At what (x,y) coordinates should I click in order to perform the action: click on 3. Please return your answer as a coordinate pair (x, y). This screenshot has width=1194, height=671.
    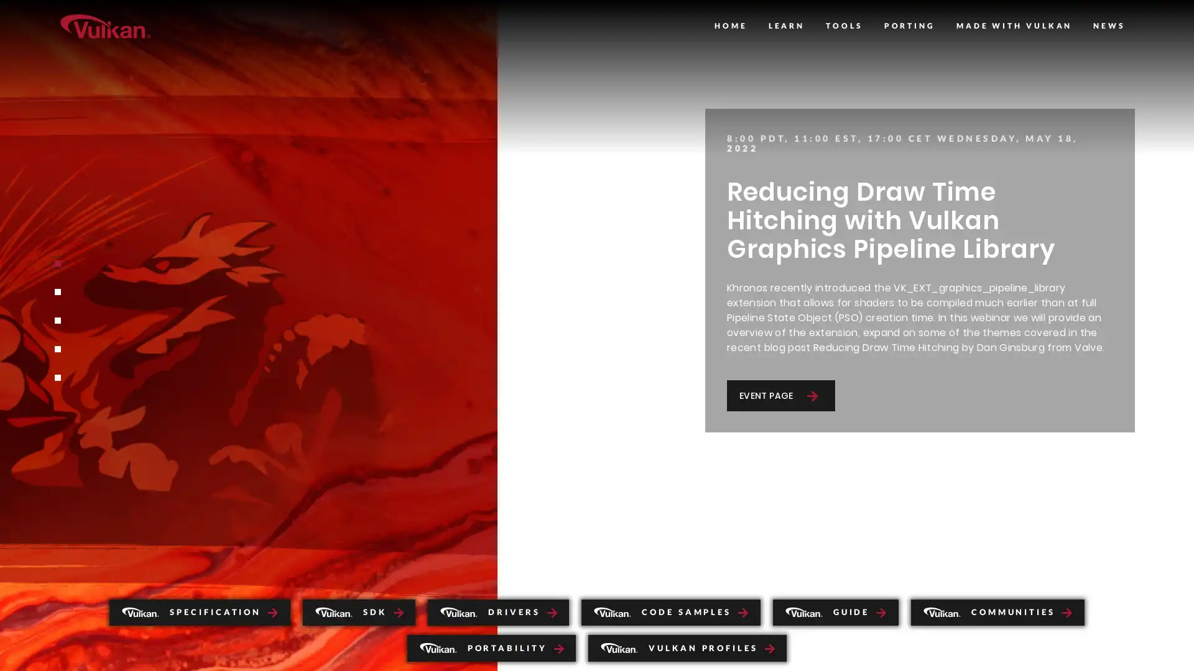
    Looking at the image, I should click on (56, 320).